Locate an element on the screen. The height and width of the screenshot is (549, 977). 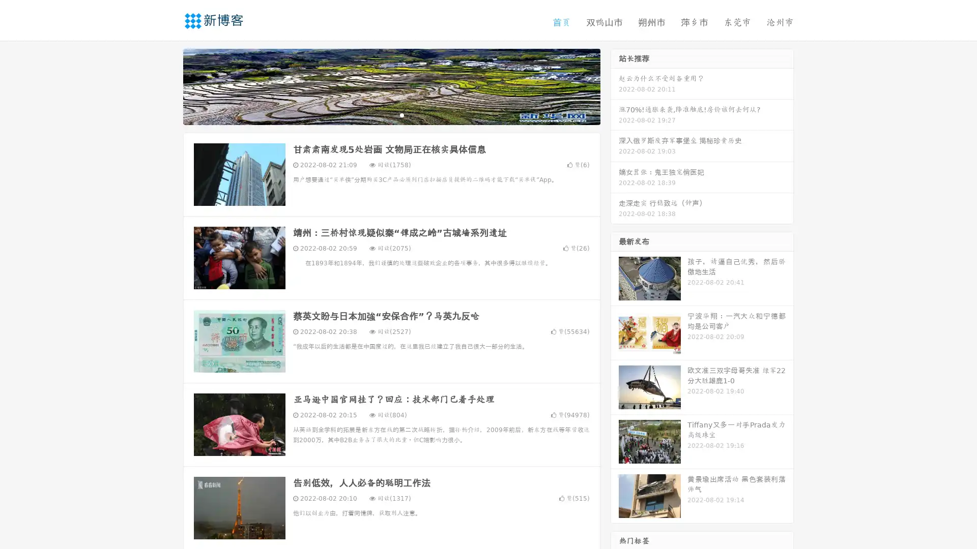
Go to slide 3 is located at coordinates (401, 114).